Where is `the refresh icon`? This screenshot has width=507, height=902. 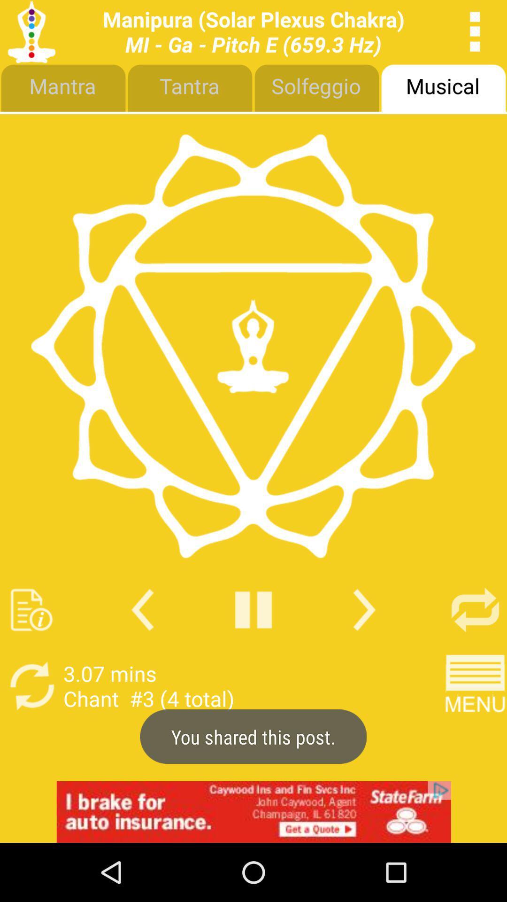
the refresh icon is located at coordinates (31, 733).